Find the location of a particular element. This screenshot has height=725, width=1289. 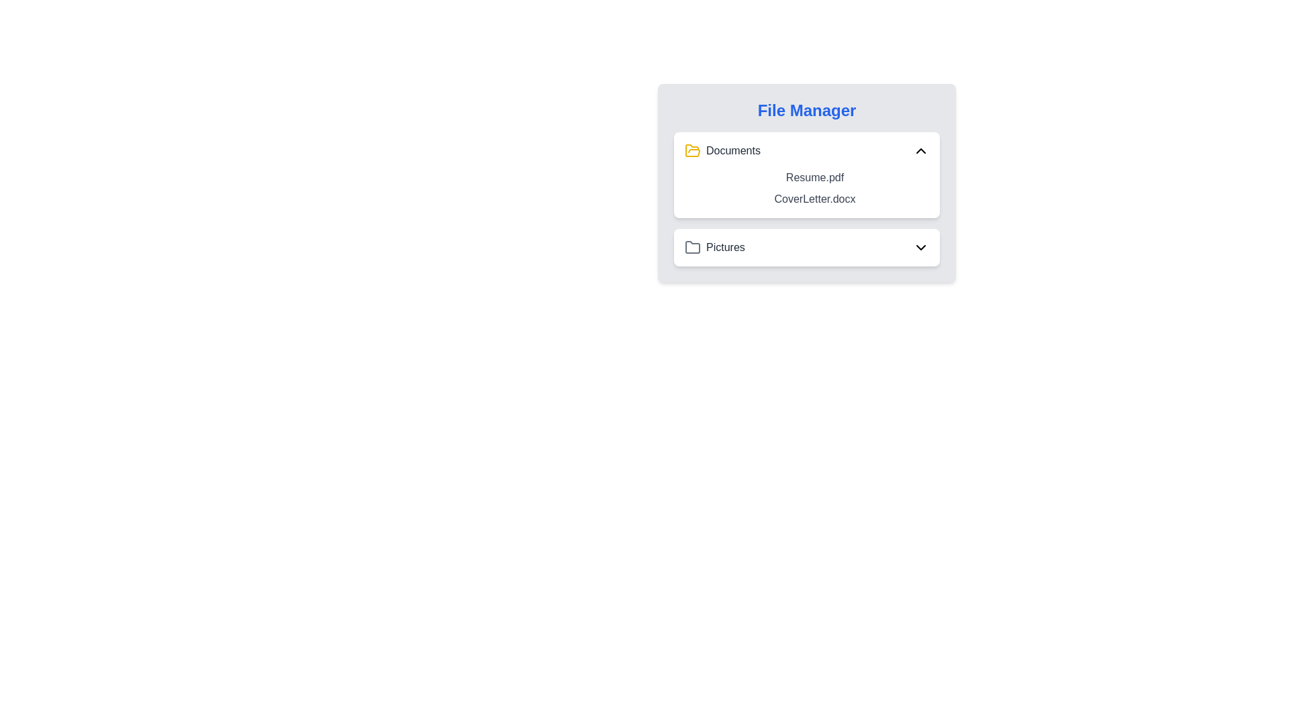

or interpret the text label indicating the folder name 'Documents', which is located to the right of the folder icon in the file manager interface is located at coordinates (732, 150).